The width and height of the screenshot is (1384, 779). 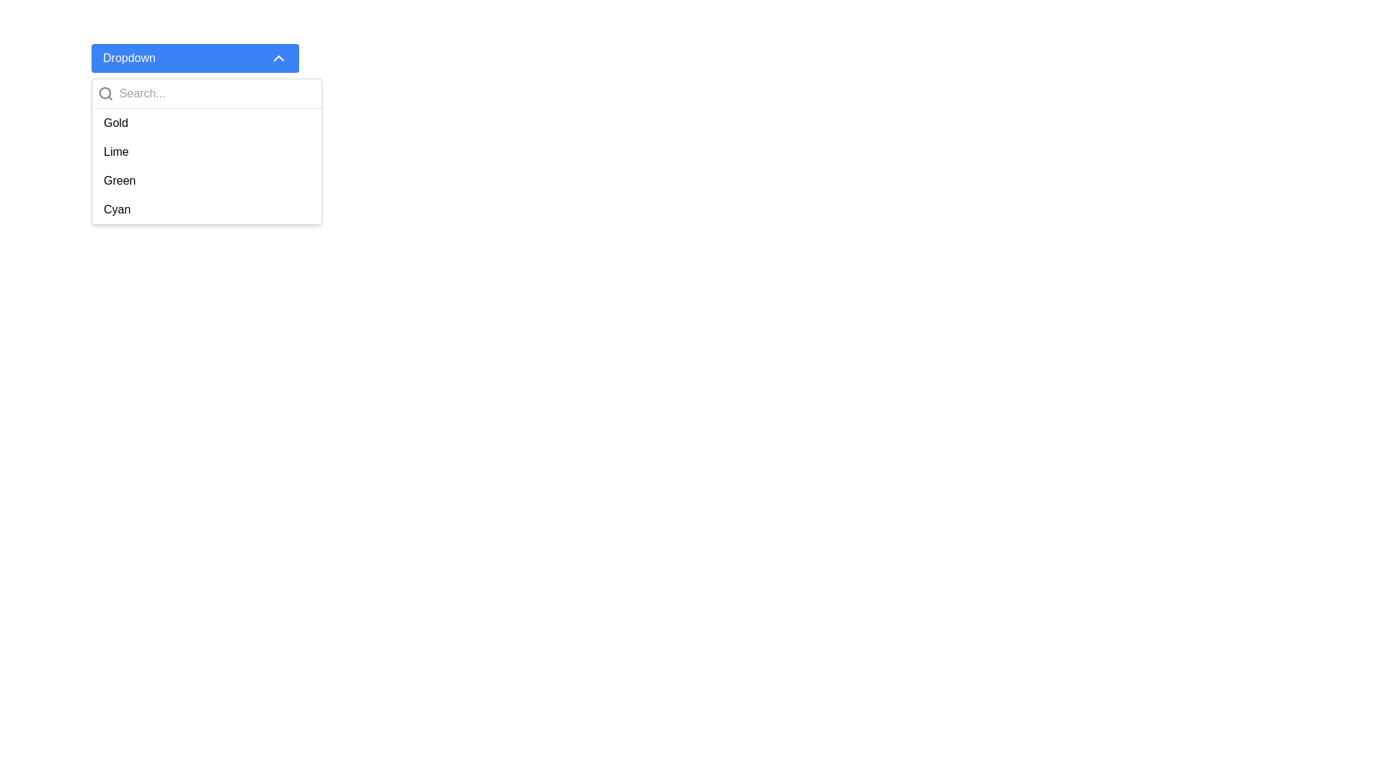 I want to click on the blue rectangular button labeled 'Dropdown' which has a chevron-up icon on its right, so click(x=194, y=72).